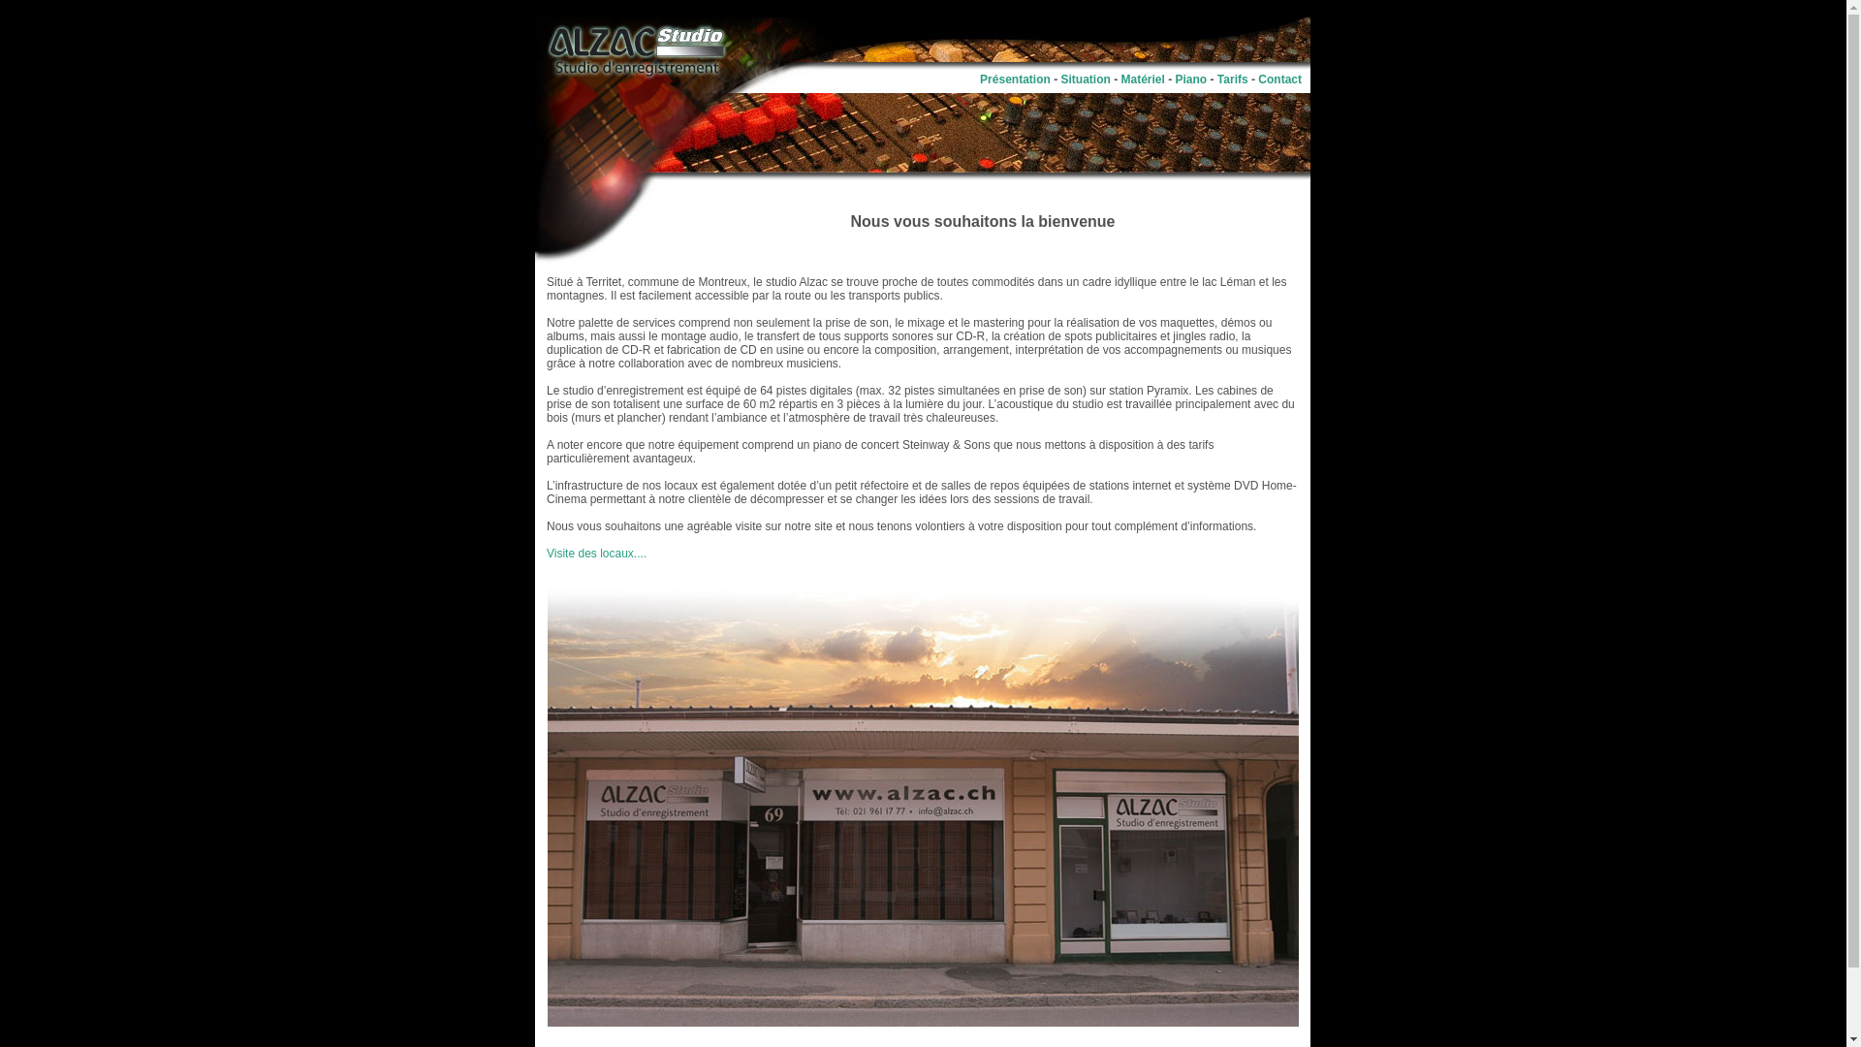 The height and width of the screenshot is (1047, 1861). What do you see at coordinates (1257, 78) in the screenshot?
I see `'Contact'` at bounding box center [1257, 78].